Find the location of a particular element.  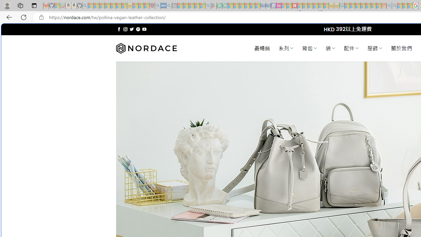

'Refresh' is located at coordinates (24, 17).